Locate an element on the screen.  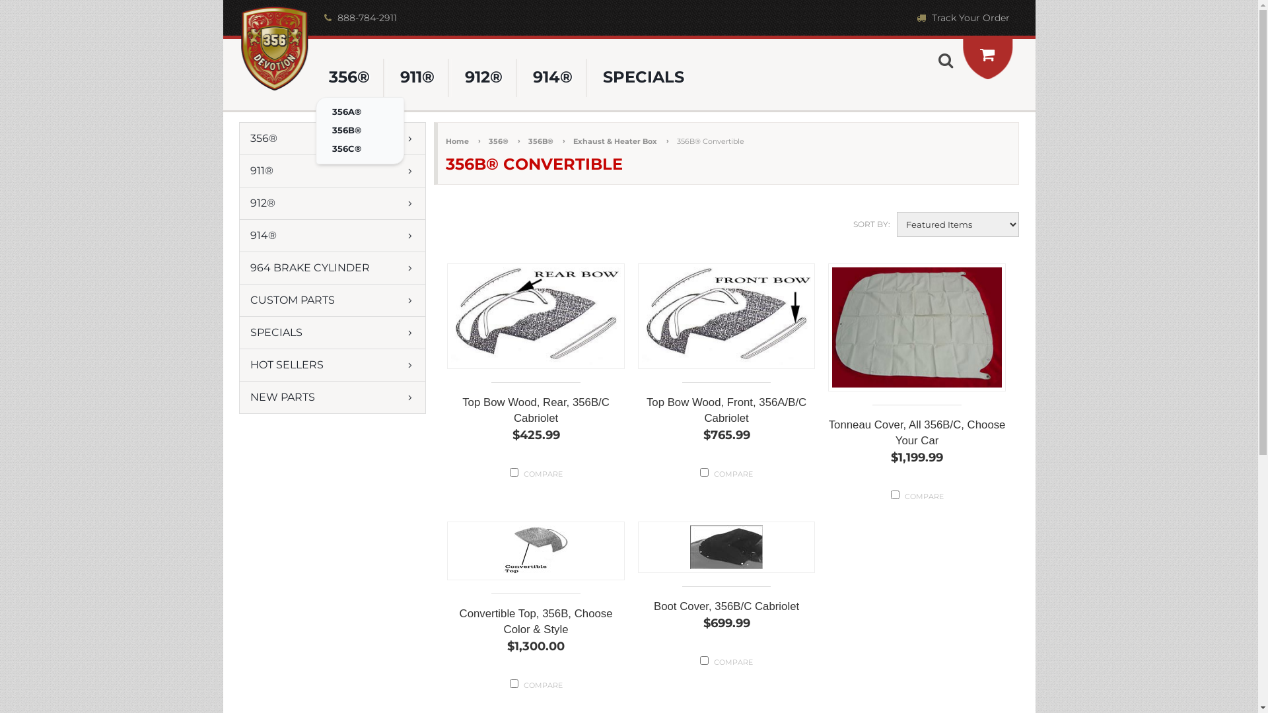
'NEW PARTS' is located at coordinates (332, 396).